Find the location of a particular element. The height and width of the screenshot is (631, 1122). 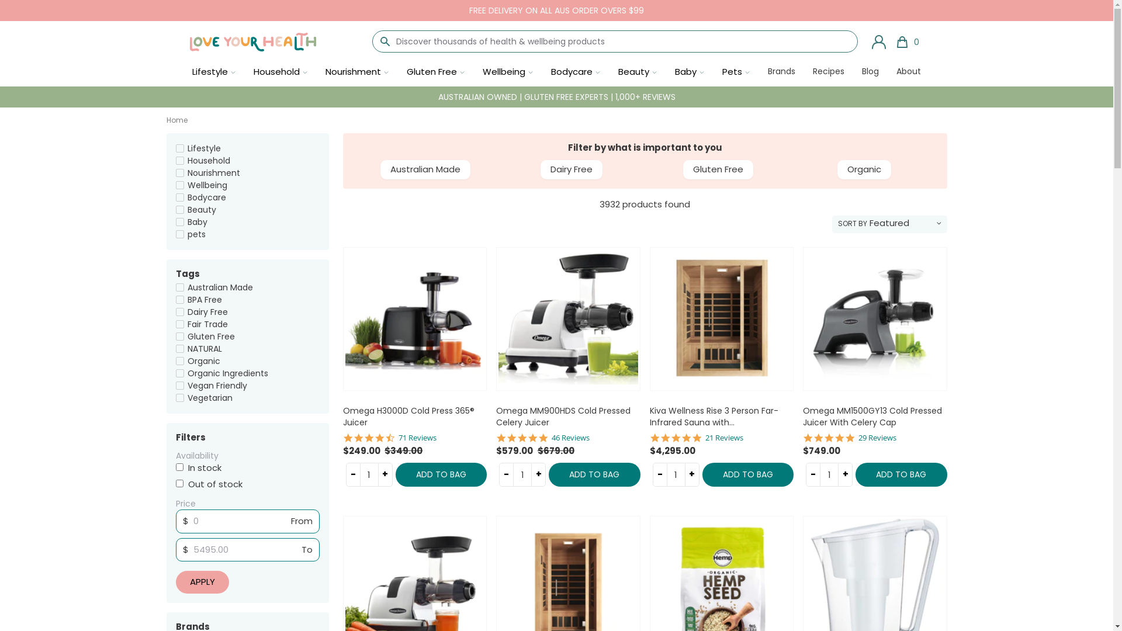

'Dairy Free' is located at coordinates (572, 169).